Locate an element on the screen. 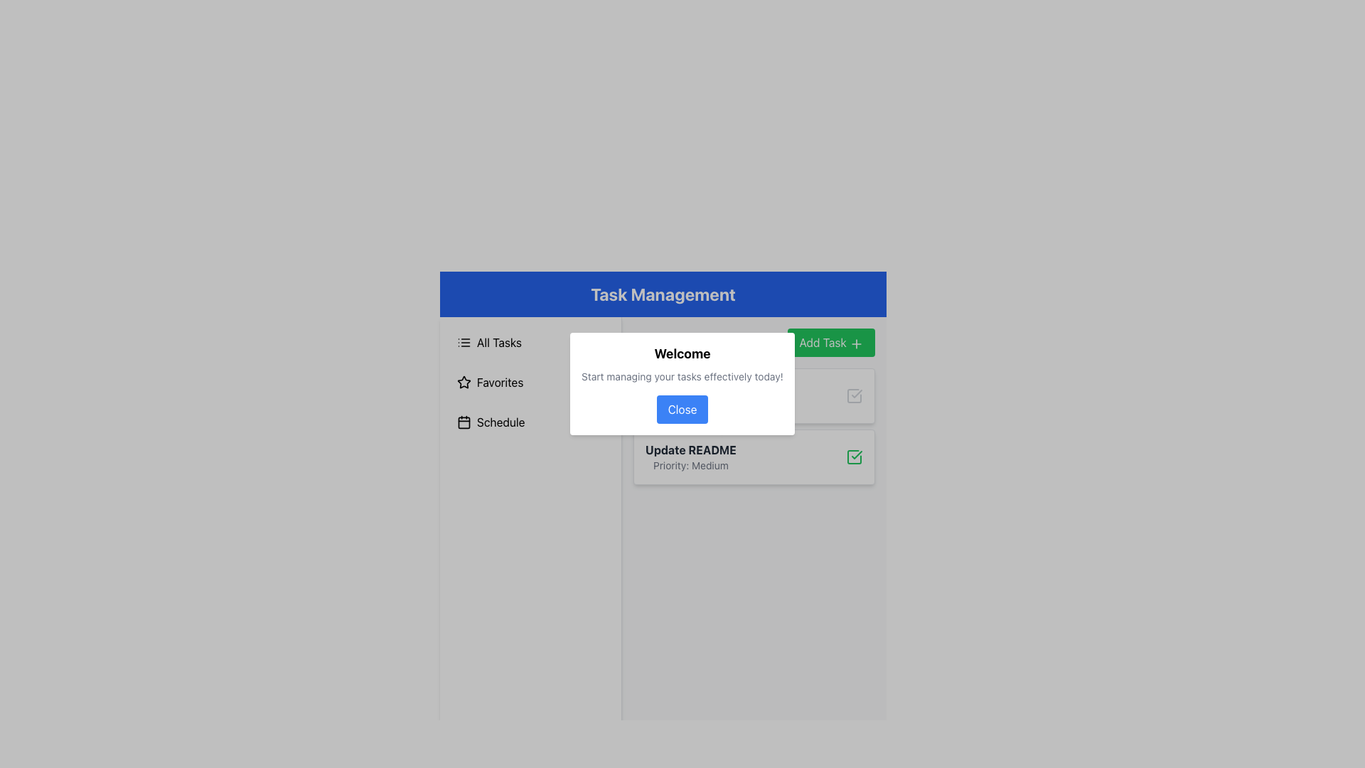 Image resolution: width=1365 pixels, height=768 pixels. the text label reading 'Priority: High', which is styled in small gray text and located below the bold text 'Develop Component' is located at coordinates (701, 405).